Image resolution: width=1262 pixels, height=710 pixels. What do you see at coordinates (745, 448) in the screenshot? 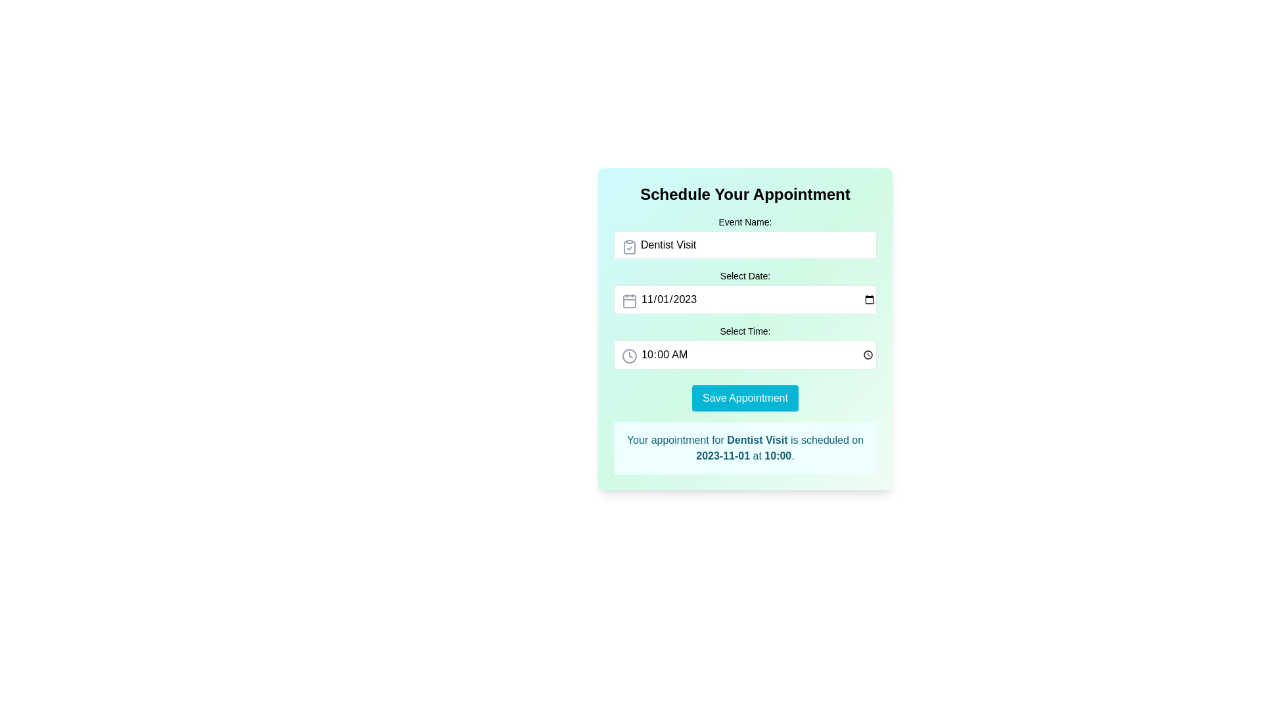
I see `the Text Display or Informational Label that provides confirmation or summary of the scheduled appointment, located at the lower section of the interface with a cyan background and rounded borders` at bounding box center [745, 448].